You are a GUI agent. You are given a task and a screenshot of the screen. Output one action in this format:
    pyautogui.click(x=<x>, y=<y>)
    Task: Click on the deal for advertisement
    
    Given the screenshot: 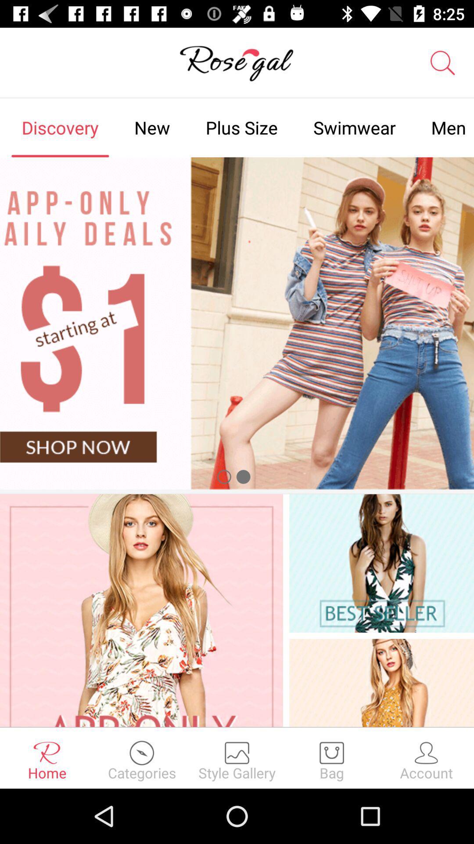 What is the action you would take?
    pyautogui.click(x=237, y=323)
    